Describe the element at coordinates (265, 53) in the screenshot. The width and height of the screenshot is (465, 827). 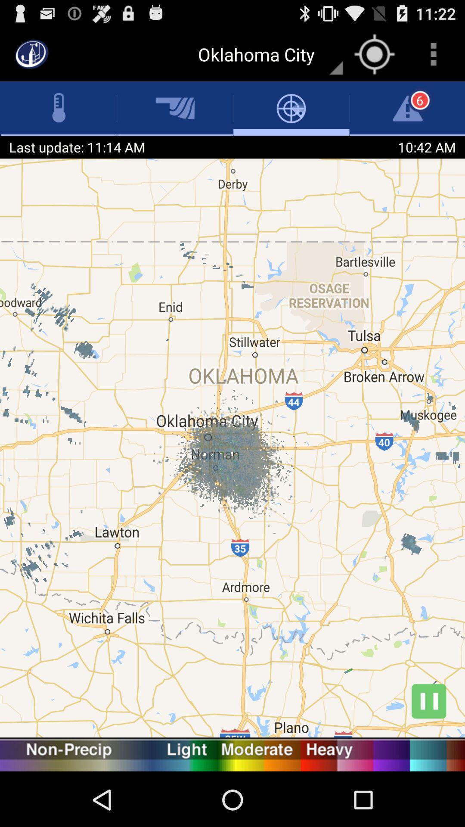
I see `oklahoma city in the menu bar` at that location.